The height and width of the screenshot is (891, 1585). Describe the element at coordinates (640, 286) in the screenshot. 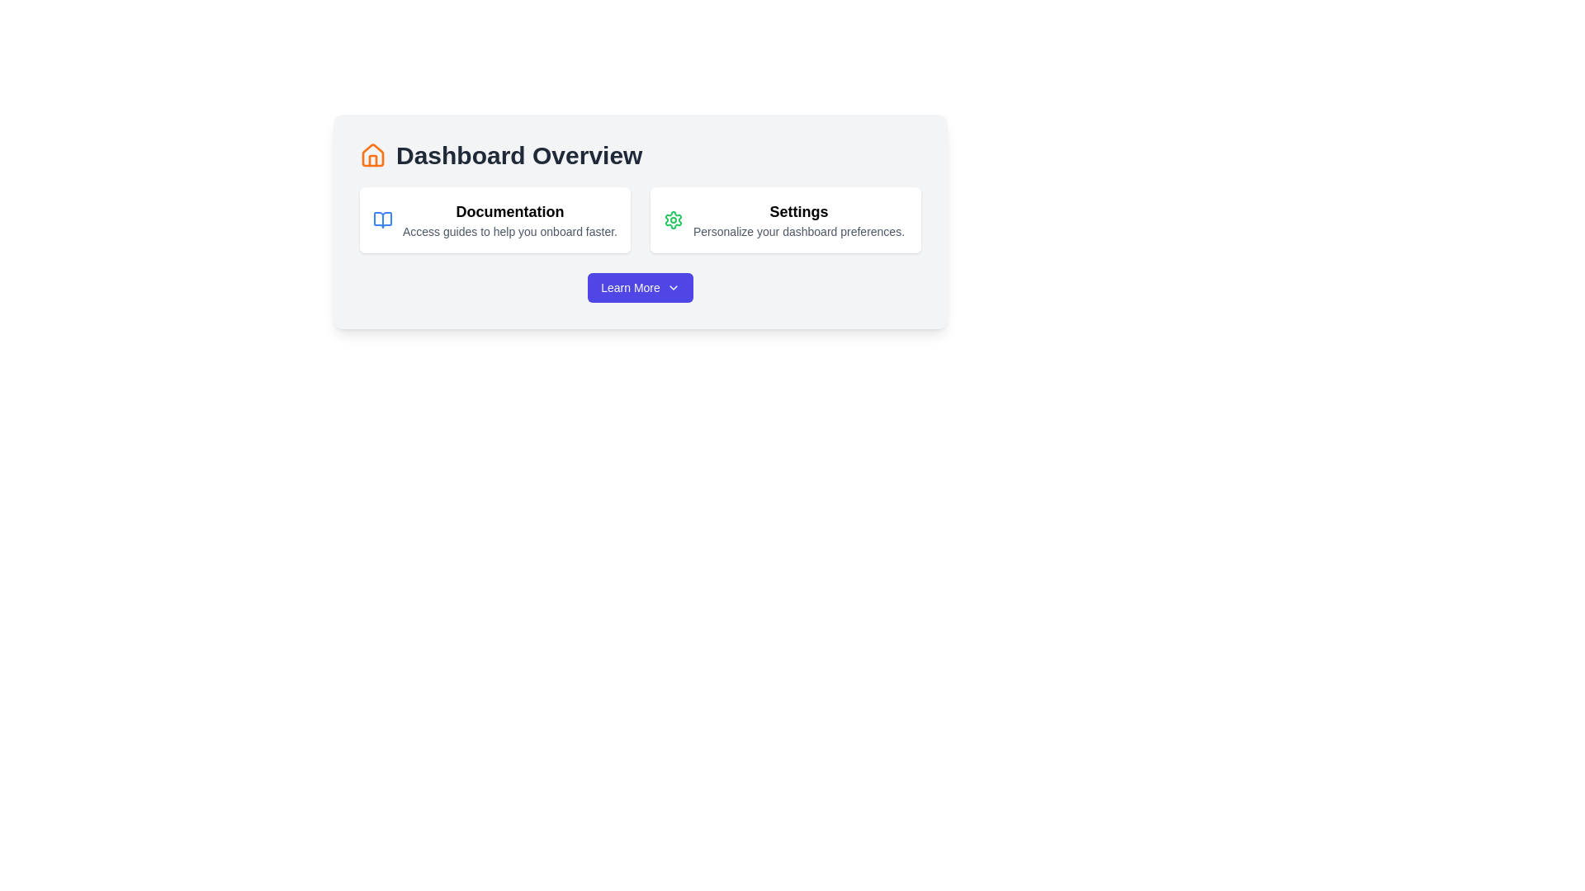

I see `the button located at the bottom-center of the card component that contains 'Documentation' and 'Settings'` at that location.